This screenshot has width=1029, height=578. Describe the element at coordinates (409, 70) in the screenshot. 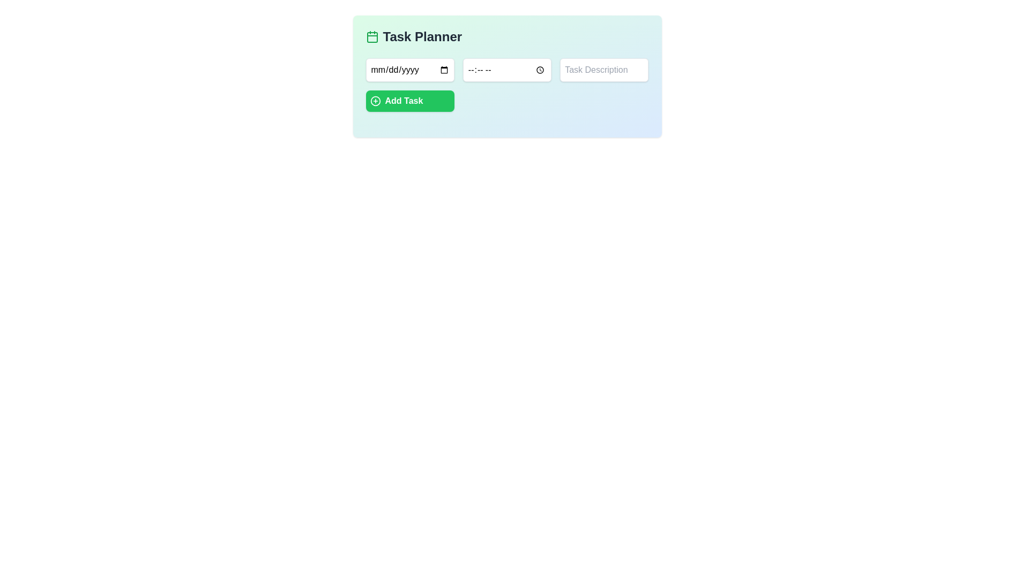

I see `the Date input field located within the 'Task Planner' segment to focus and start typing` at that location.